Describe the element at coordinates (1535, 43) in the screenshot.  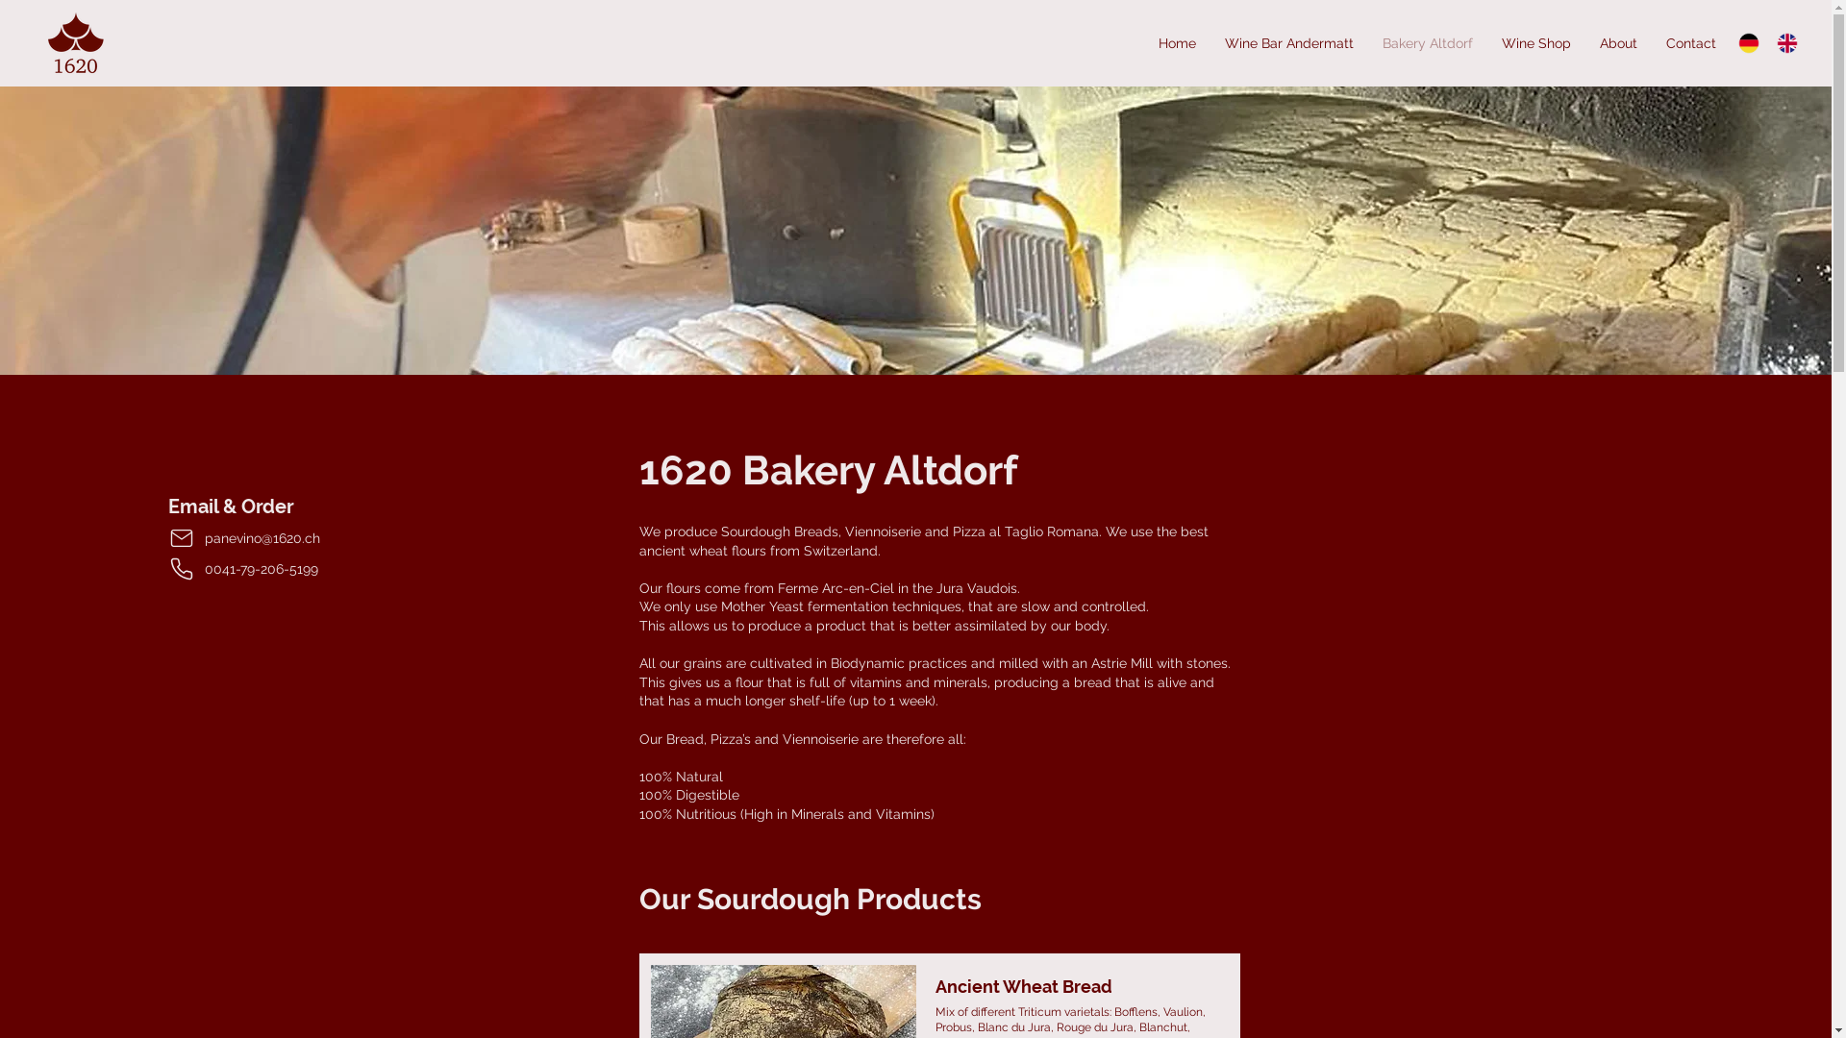
I see `'Wine Shop'` at that location.